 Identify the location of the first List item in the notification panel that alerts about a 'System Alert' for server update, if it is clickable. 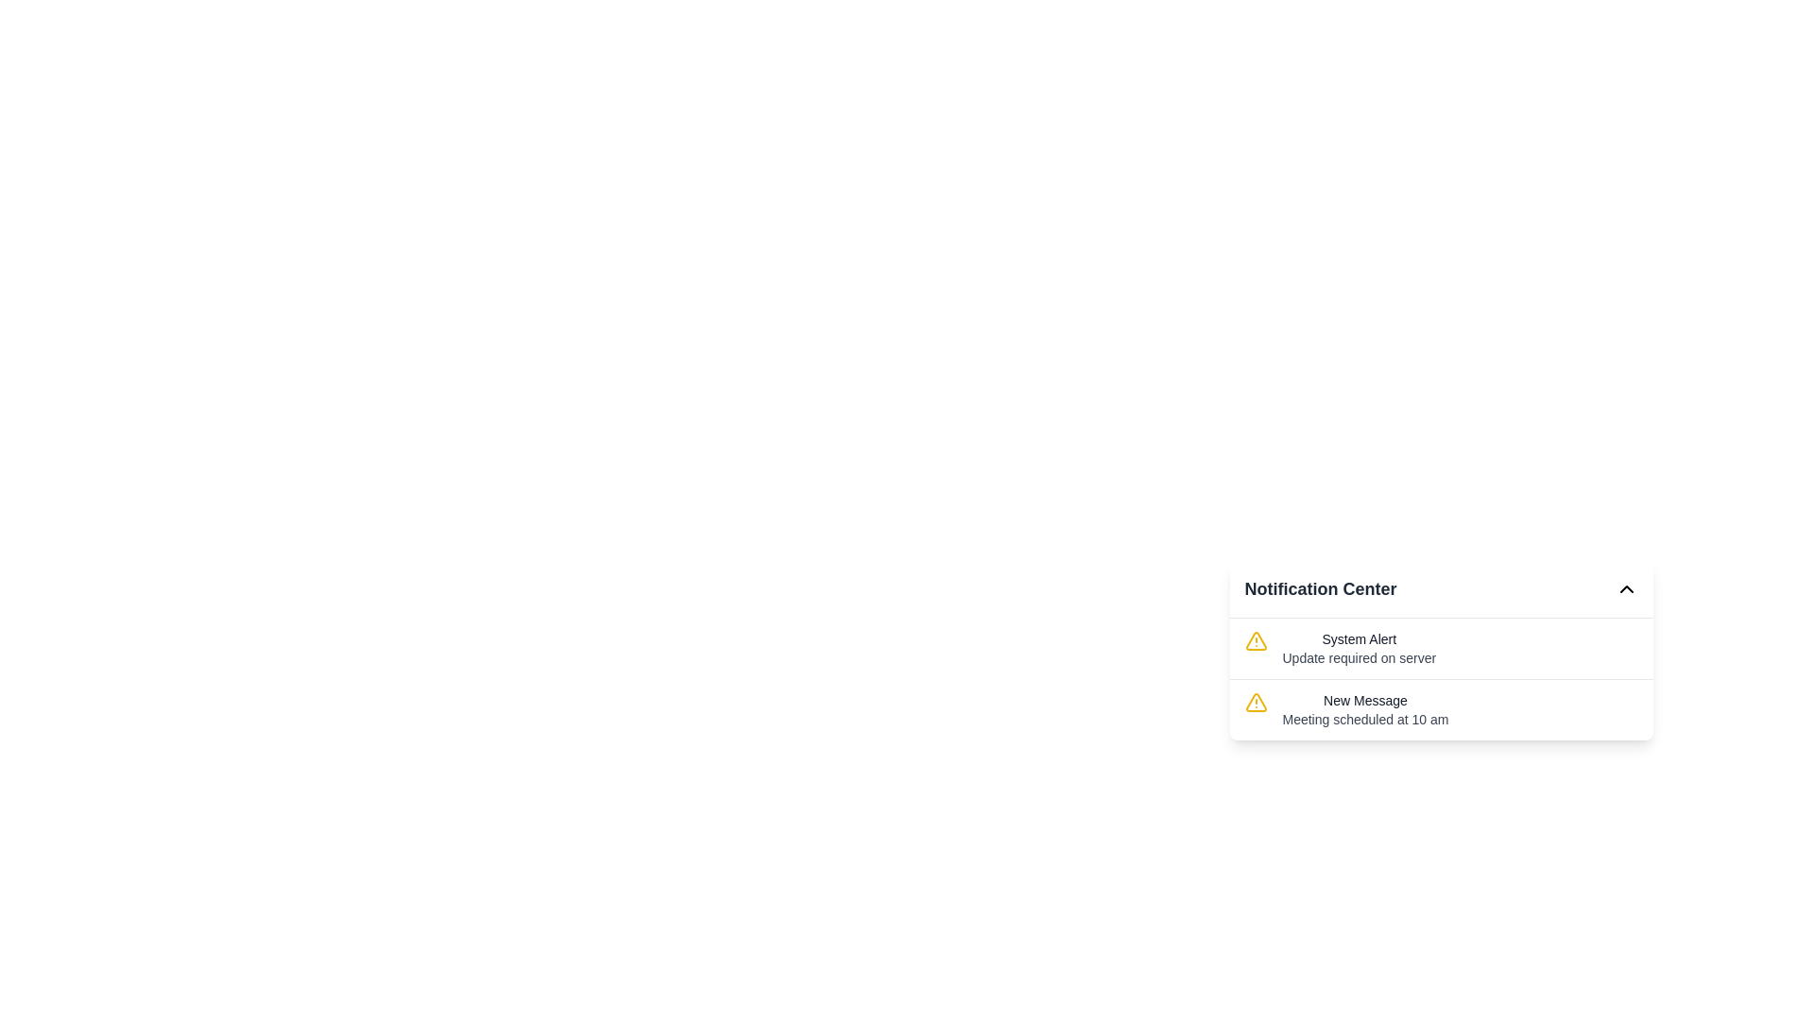
(1440, 662).